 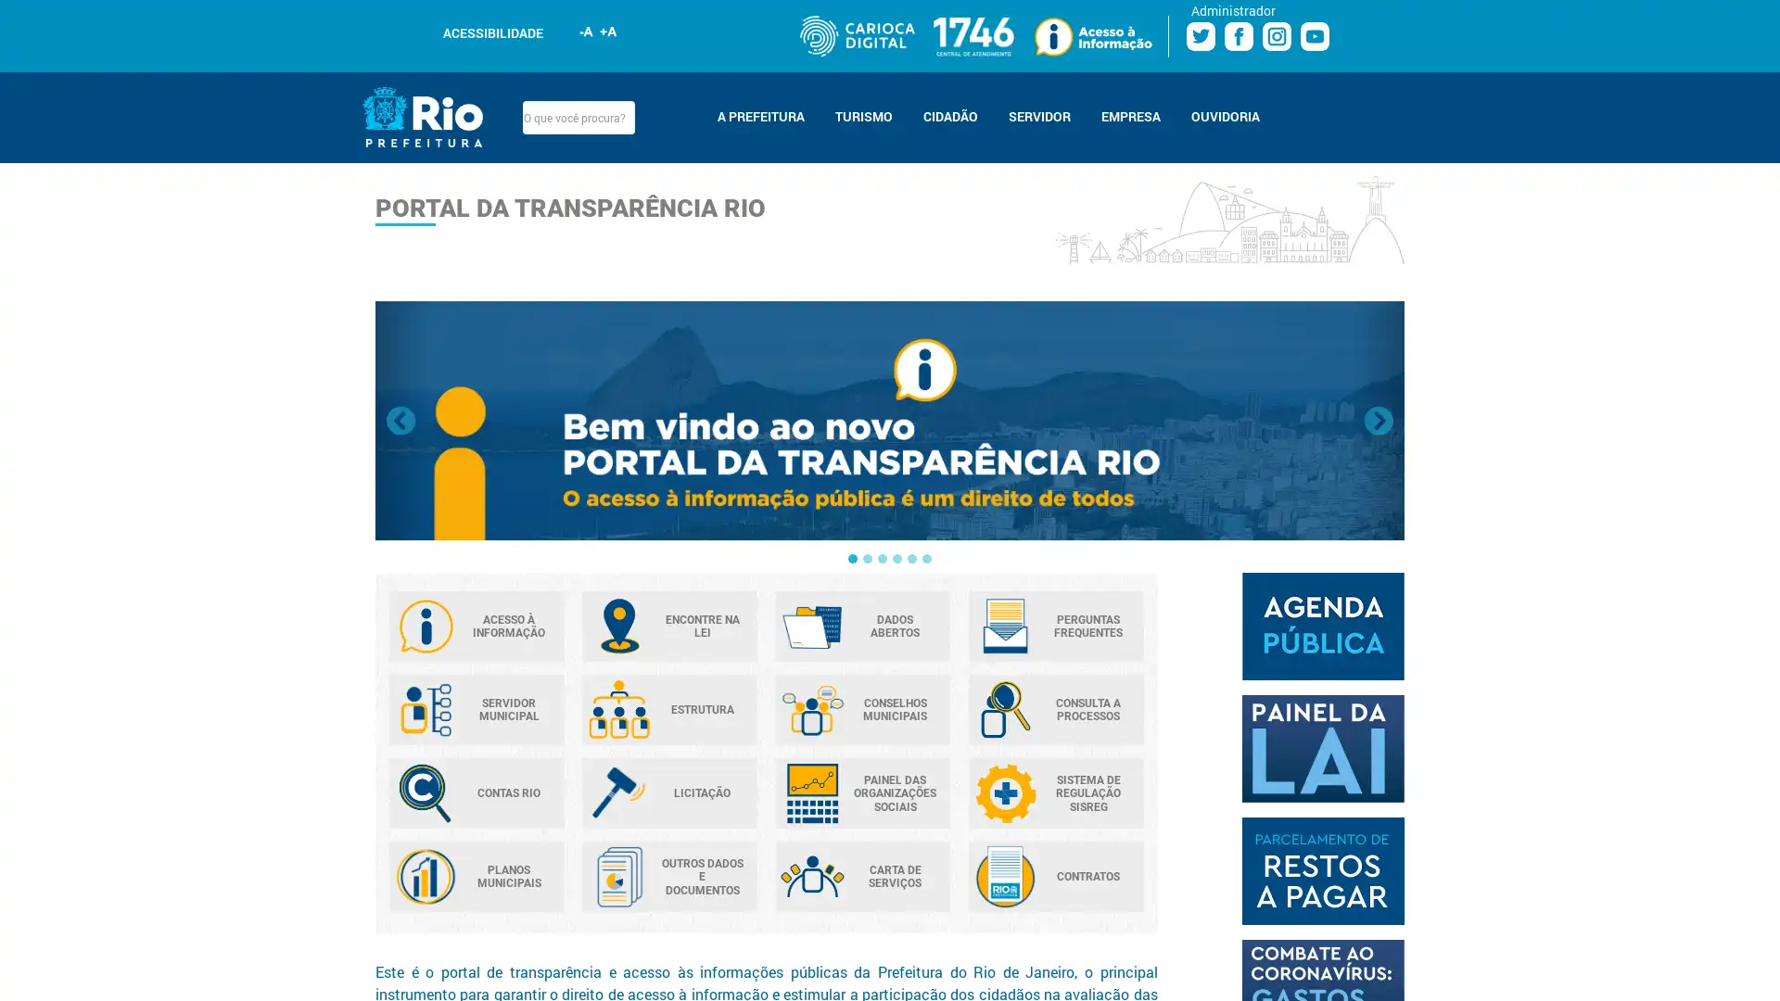 I want to click on Anterior, so click(x=400, y=421).